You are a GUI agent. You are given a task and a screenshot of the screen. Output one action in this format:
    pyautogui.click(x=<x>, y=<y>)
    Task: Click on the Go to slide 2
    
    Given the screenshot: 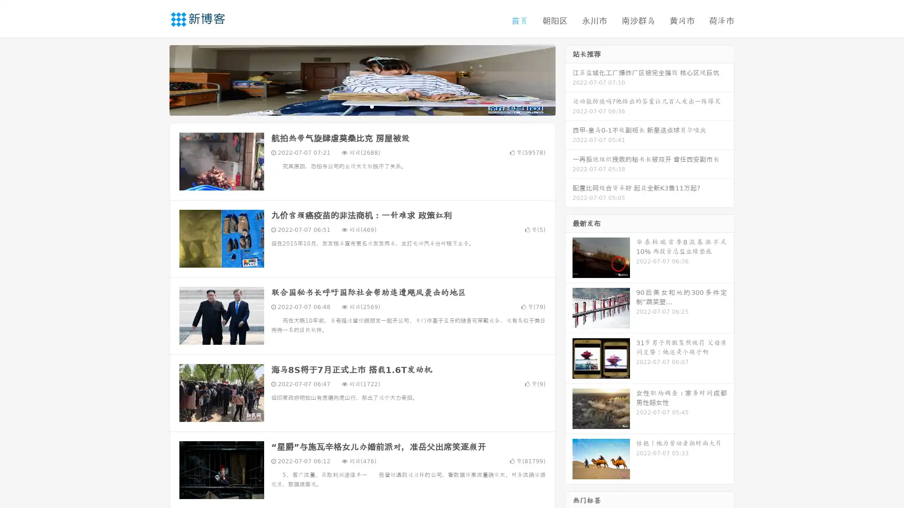 What is the action you would take?
    pyautogui.click(x=362, y=106)
    